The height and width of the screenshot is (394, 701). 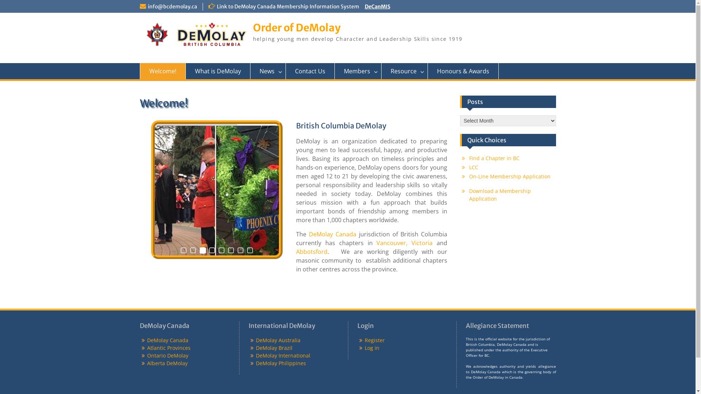 What do you see at coordinates (371, 347) in the screenshot?
I see `'Log in'` at bounding box center [371, 347].